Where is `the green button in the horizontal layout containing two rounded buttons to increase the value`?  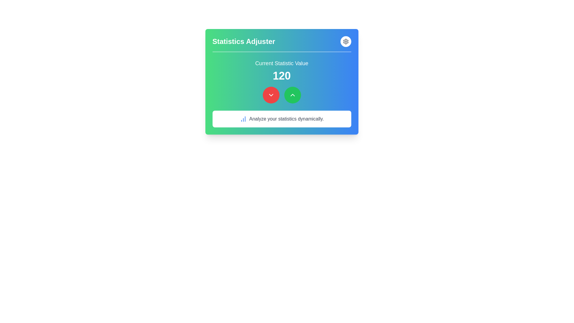
the green button in the horizontal layout containing two rounded buttons to increase the value is located at coordinates (281, 95).